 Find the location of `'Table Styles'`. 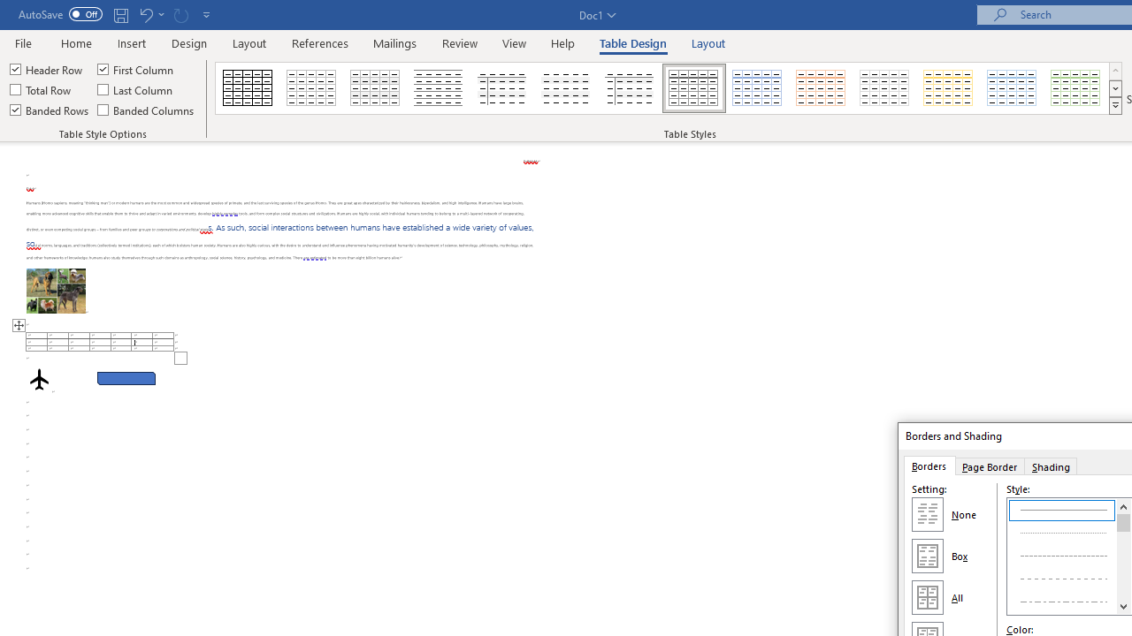

'Table Styles' is located at coordinates (1114, 106).